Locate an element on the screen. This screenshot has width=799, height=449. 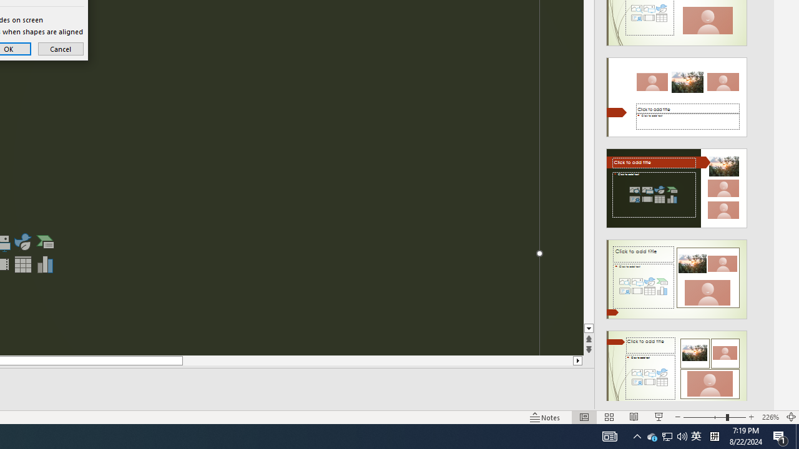
'Zoom 226%' is located at coordinates (770, 417).